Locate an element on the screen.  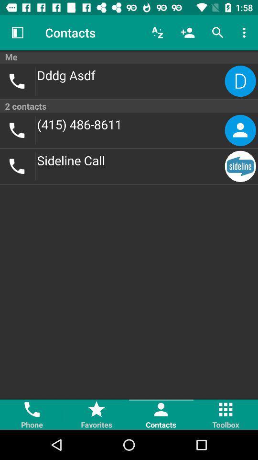
item above the me item is located at coordinates (17, 33).